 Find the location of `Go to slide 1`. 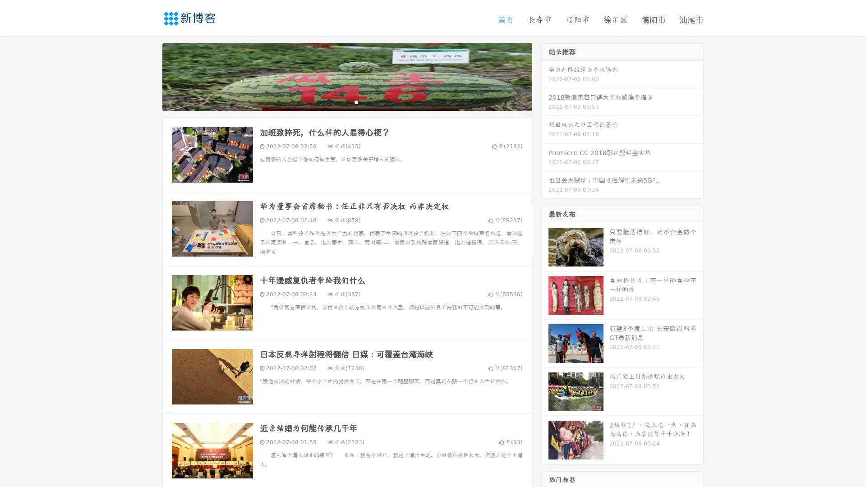

Go to slide 1 is located at coordinates (337, 101).